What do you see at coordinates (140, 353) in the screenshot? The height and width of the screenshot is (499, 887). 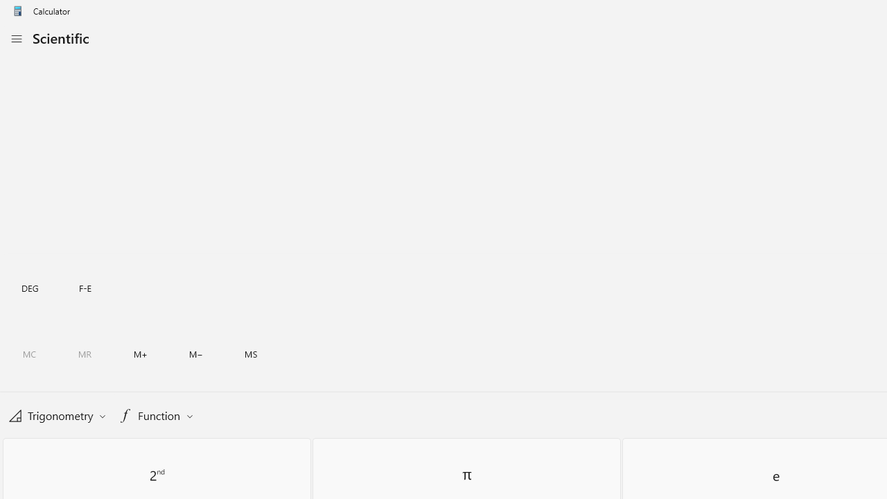 I see `'Memory add'` at bounding box center [140, 353].